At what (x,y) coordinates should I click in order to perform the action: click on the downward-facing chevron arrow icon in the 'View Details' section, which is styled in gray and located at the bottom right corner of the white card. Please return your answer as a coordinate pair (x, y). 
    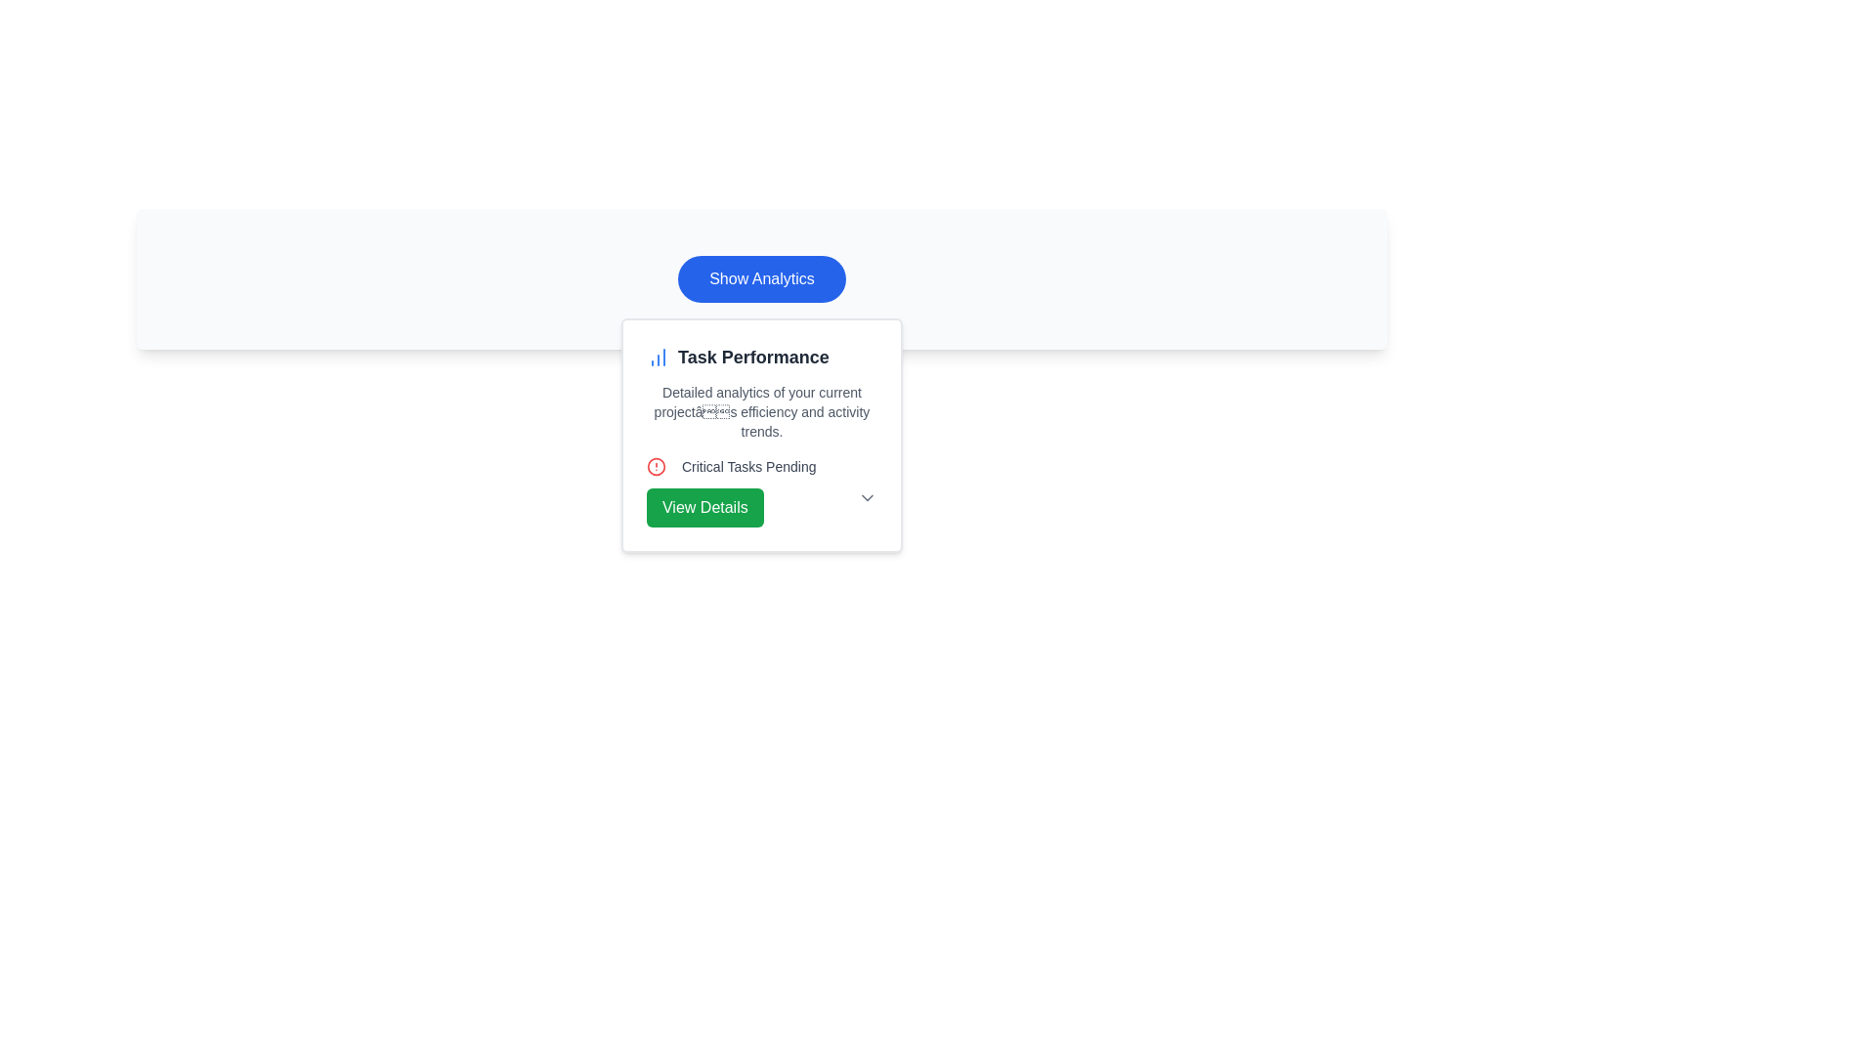
    Looking at the image, I should click on (867, 496).